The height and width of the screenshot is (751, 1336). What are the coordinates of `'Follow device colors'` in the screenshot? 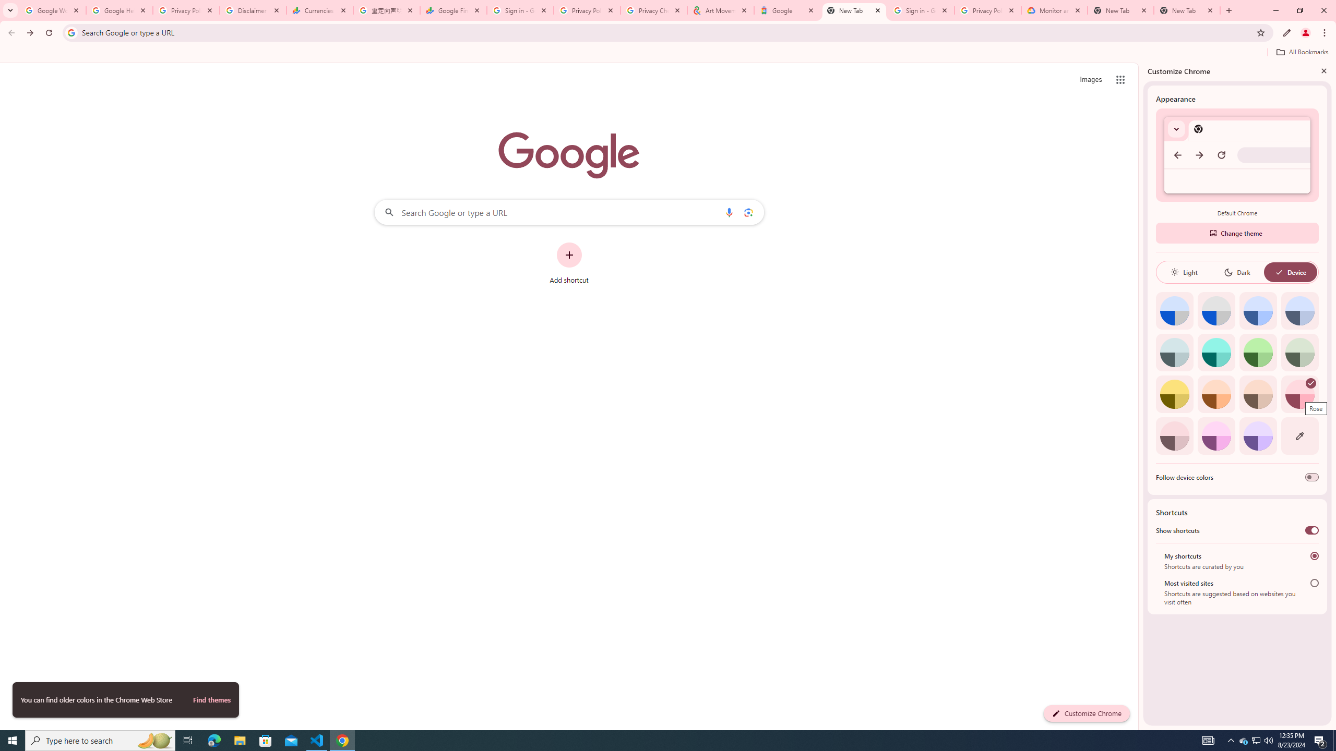 It's located at (1311, 477).